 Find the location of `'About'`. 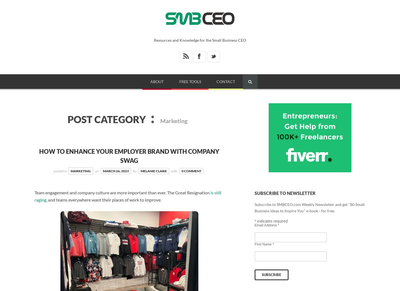

'About' is located at coordinates (156, 81).